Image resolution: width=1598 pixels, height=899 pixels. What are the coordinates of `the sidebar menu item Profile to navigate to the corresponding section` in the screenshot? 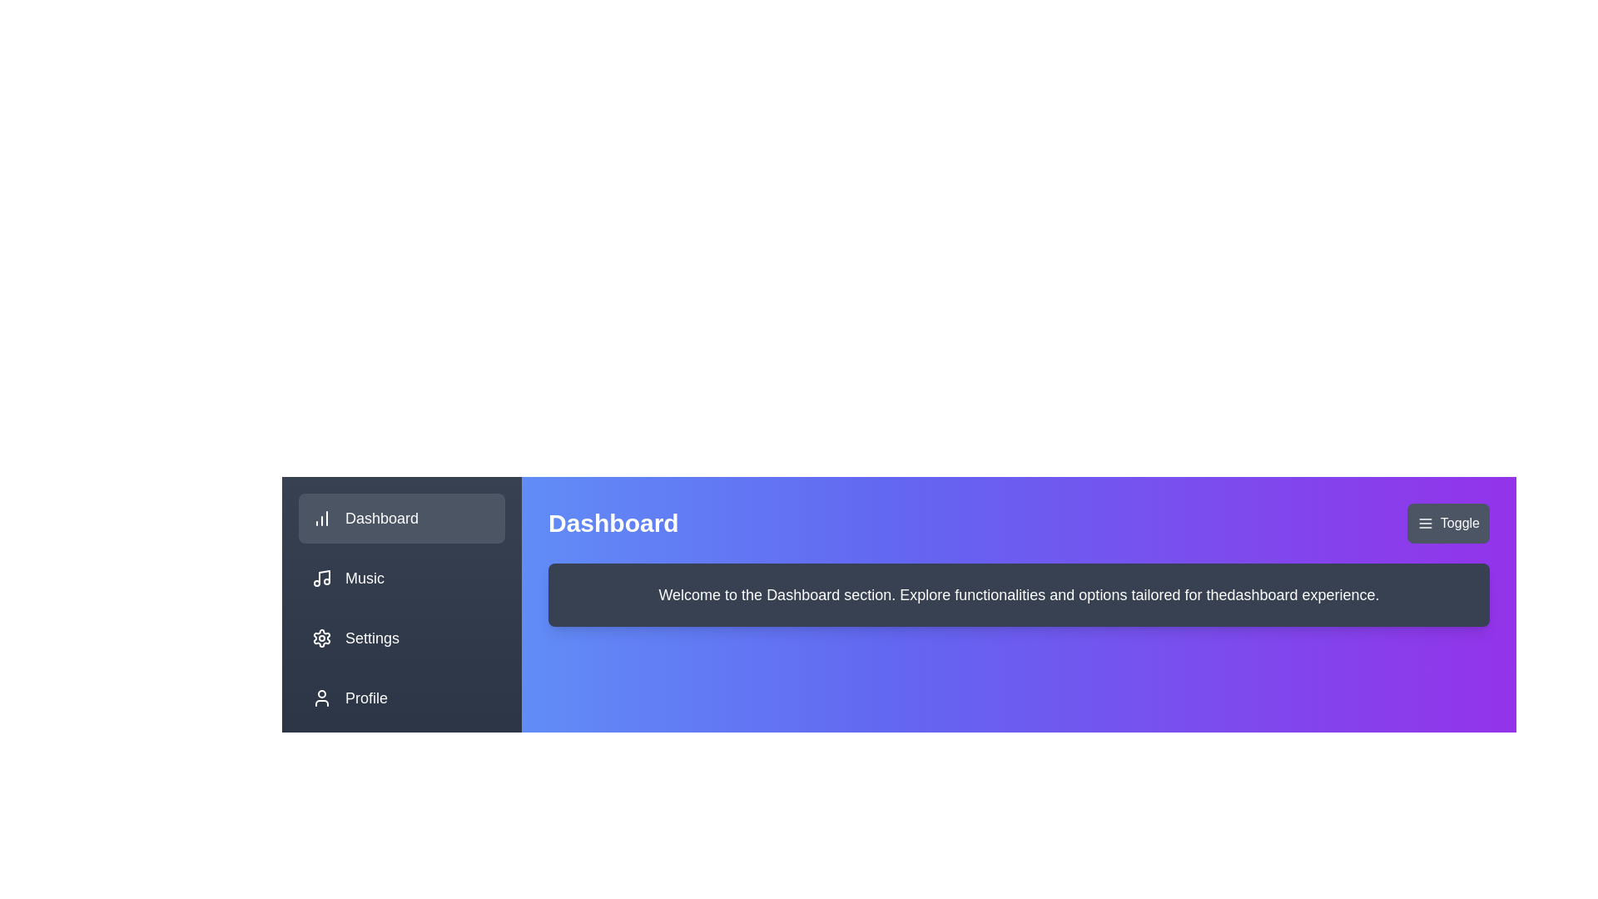 It's located at (402, 698).